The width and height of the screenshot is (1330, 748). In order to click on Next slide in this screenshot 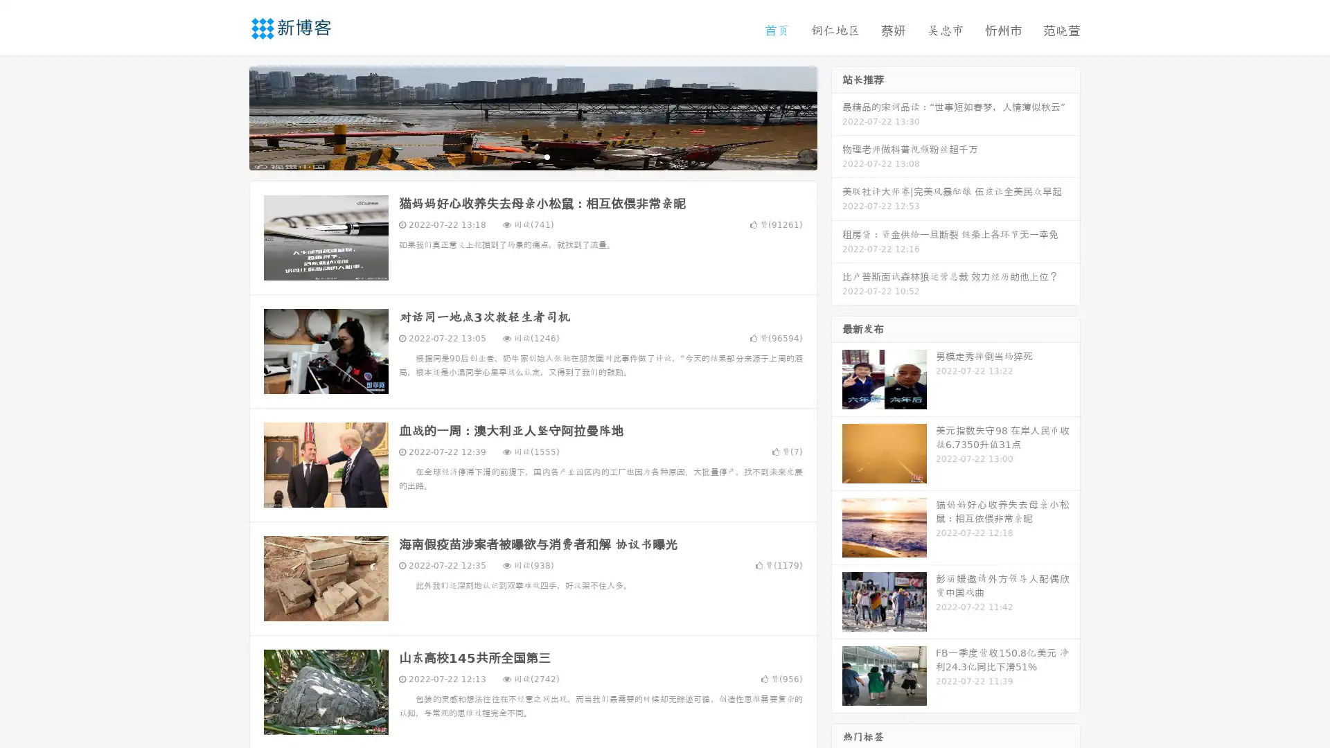, I will do `click(837, 116)`.